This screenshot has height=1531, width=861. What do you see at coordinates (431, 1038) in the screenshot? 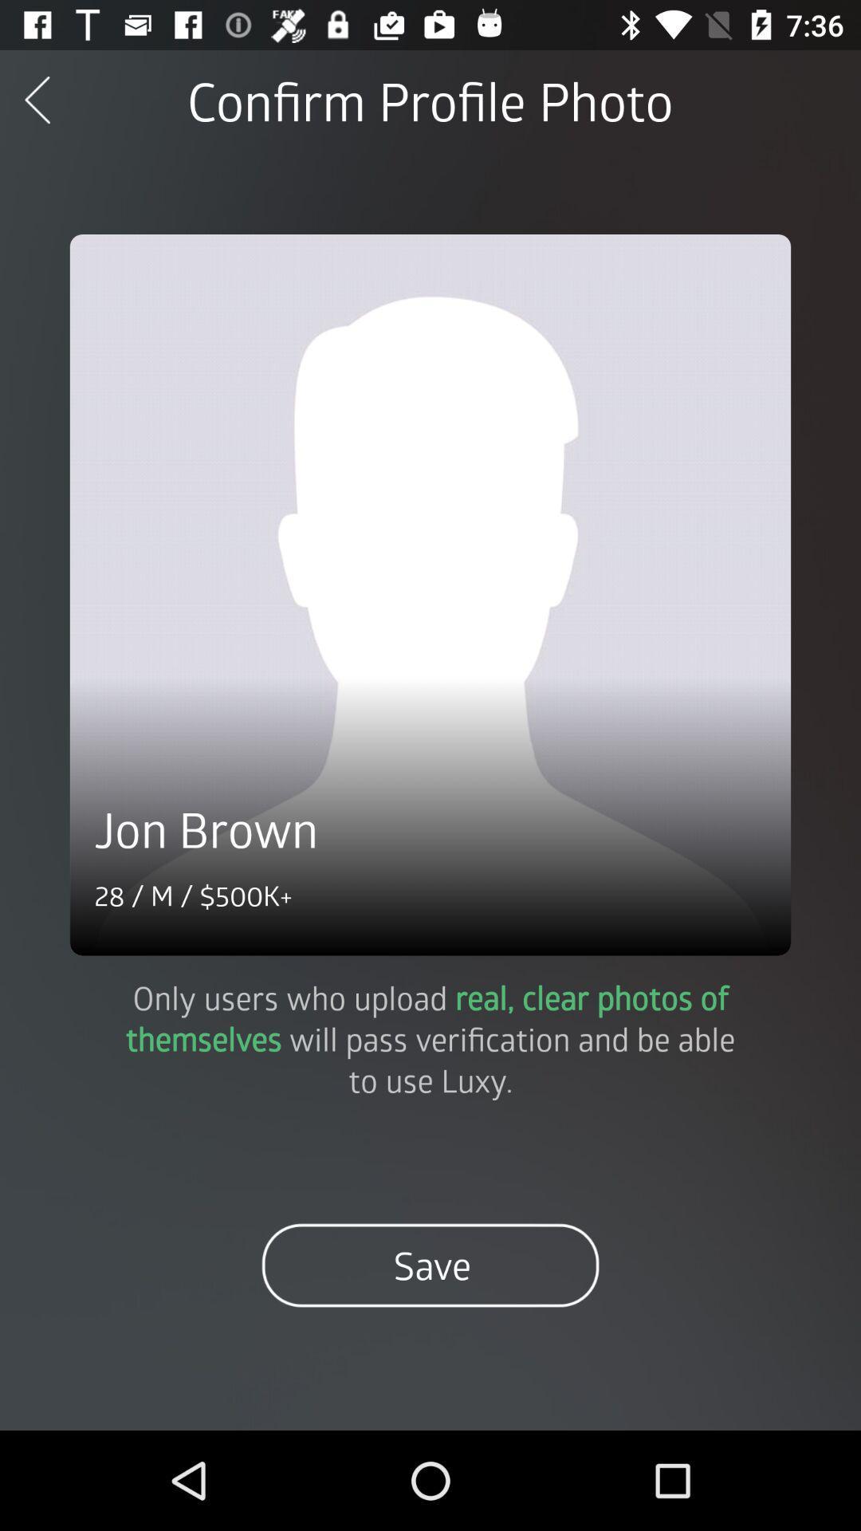
I see `the icon above save icon` at bounding box center [431, 1038].